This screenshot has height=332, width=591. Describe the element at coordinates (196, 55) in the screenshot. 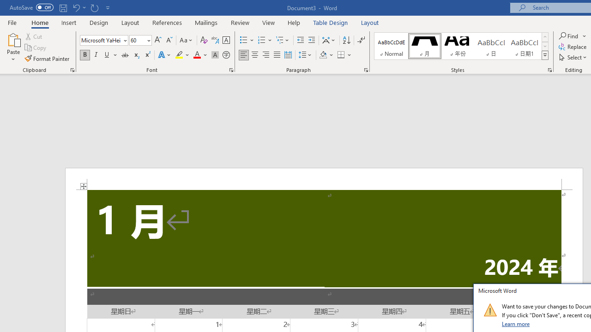

I see `'Font Color RGB(255, 0, 0)'` at that location.